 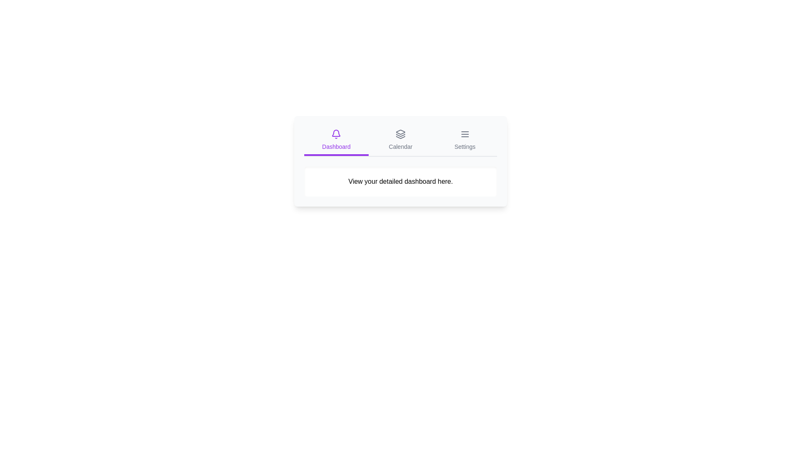 What do you see at coordinates (336, 141) in the screenshot?
I see `the Dashboard tab by clicking on its label or icon` at bounding box center [336, 141].